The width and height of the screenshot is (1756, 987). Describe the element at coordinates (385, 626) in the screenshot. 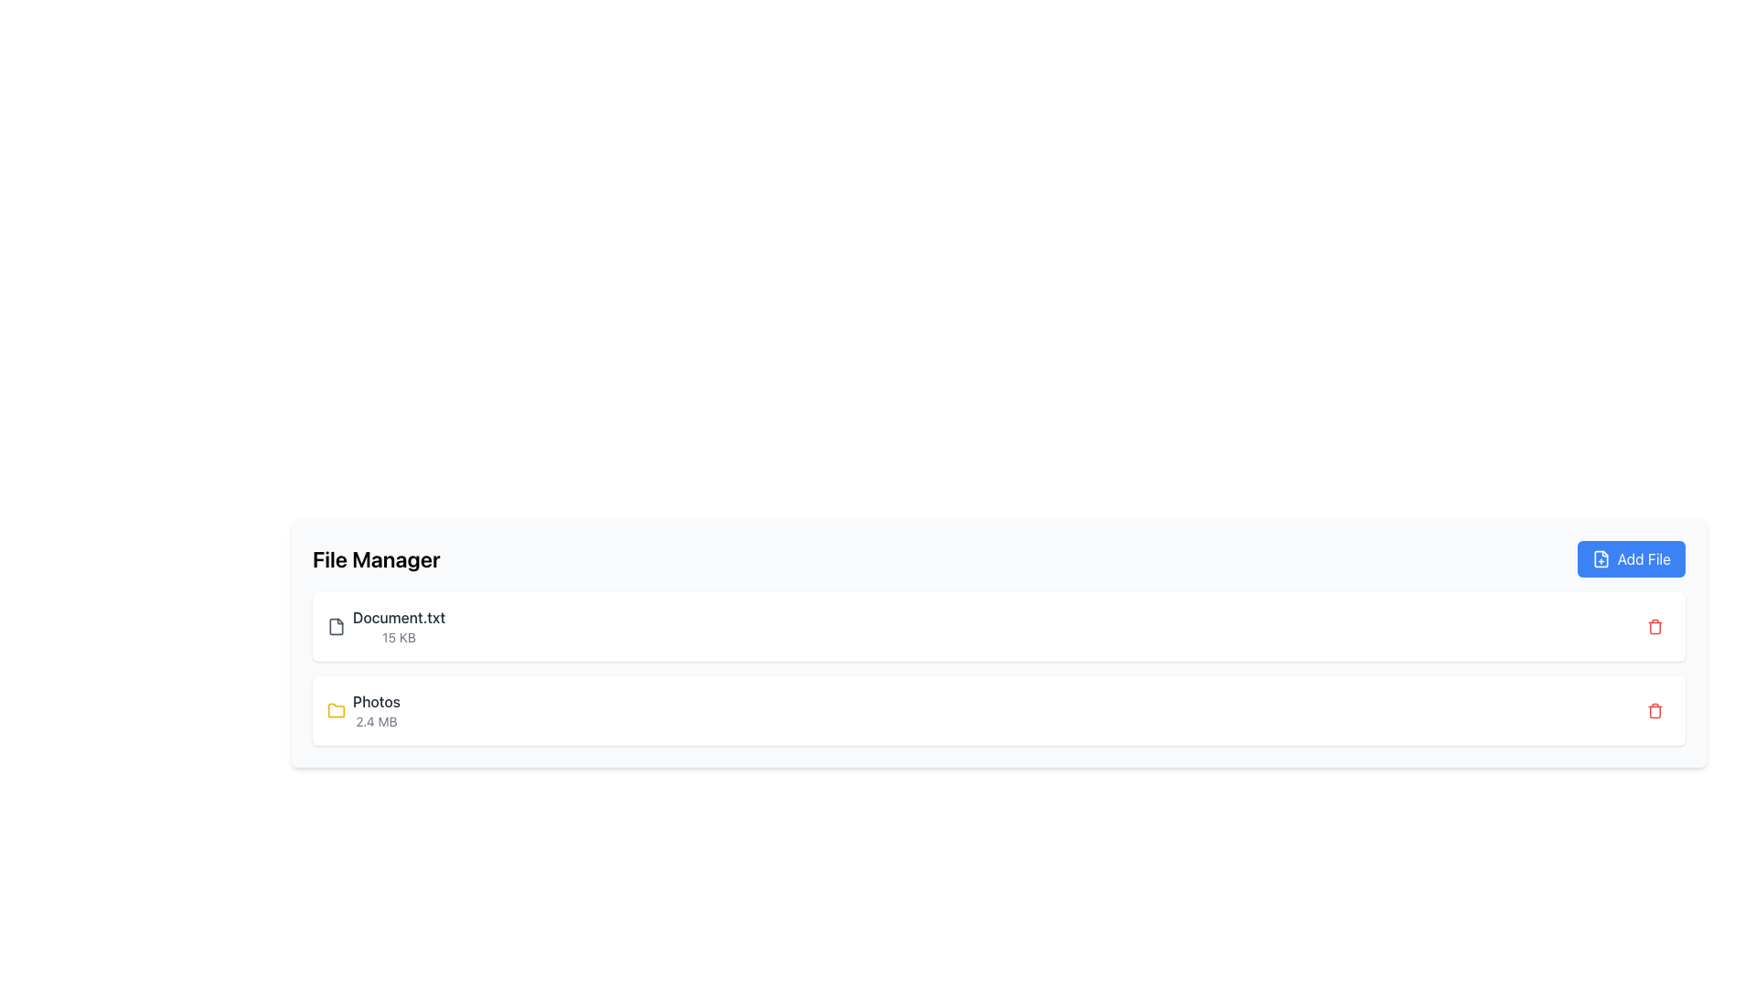

I see `to select the first list item representing the file 'Document.txt', which includes a document icon and displays '15 KB' in smaller text below it` at that location.